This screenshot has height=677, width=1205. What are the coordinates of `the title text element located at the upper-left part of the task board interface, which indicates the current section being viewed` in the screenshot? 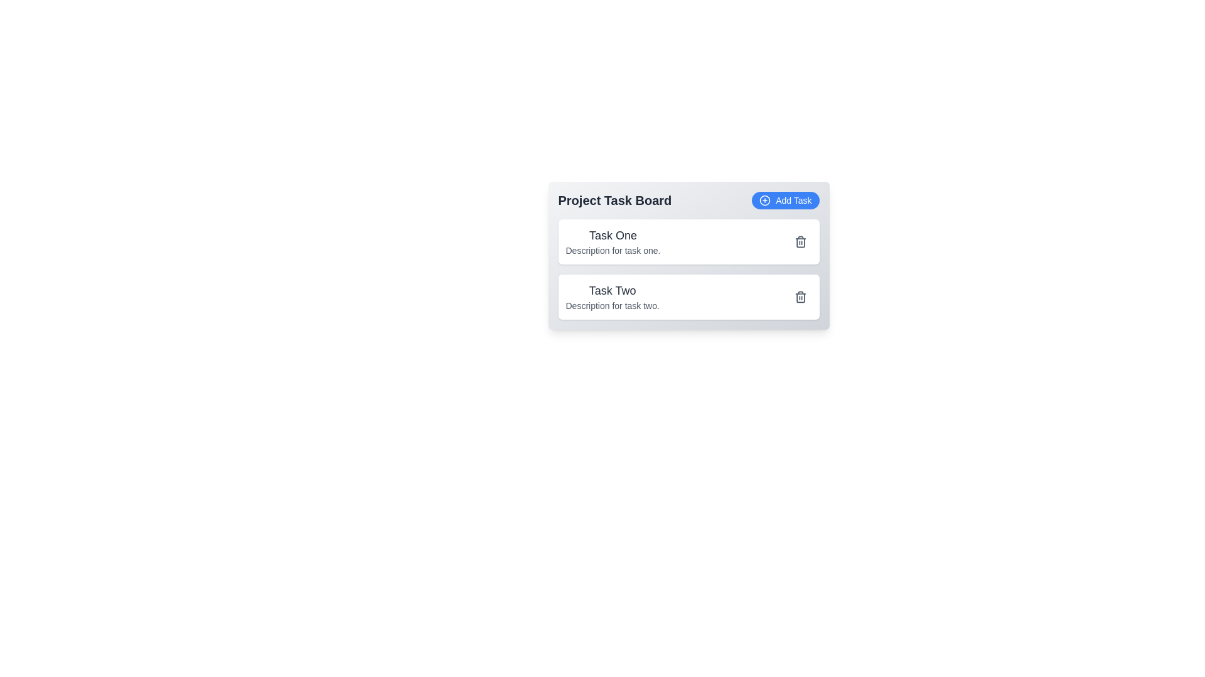 It's located at (614, 200).